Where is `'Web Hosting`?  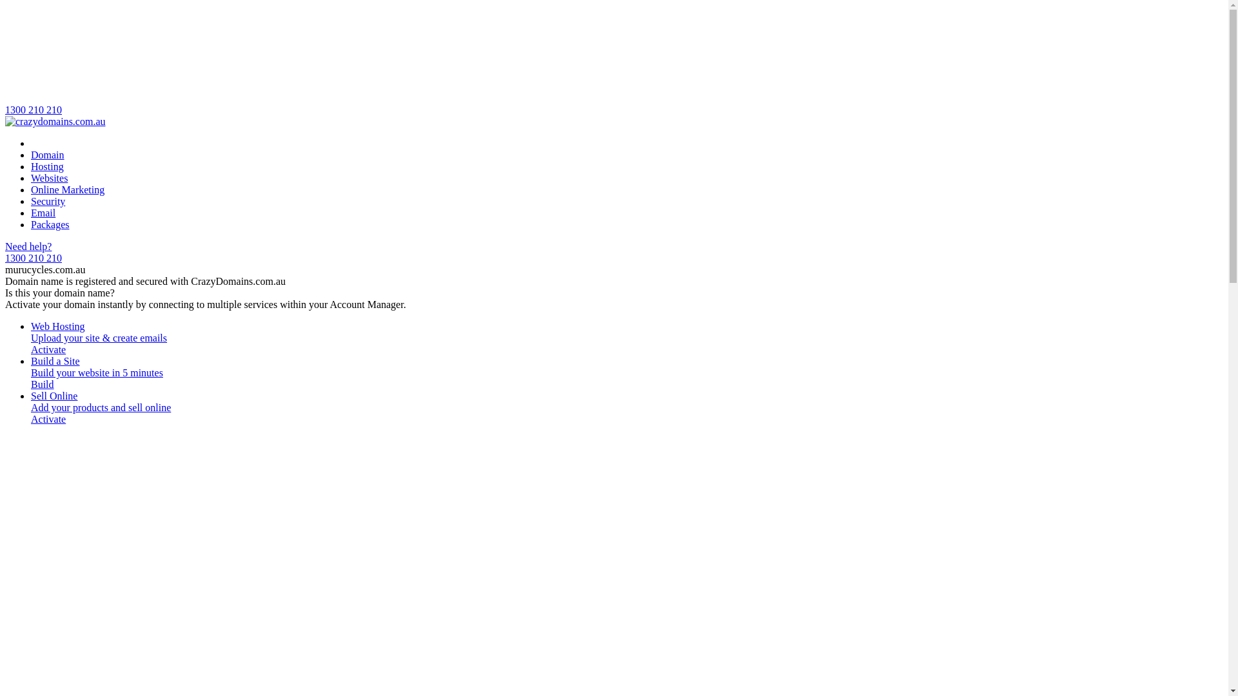 'Web Hosting is located at coordinates (627, 337).